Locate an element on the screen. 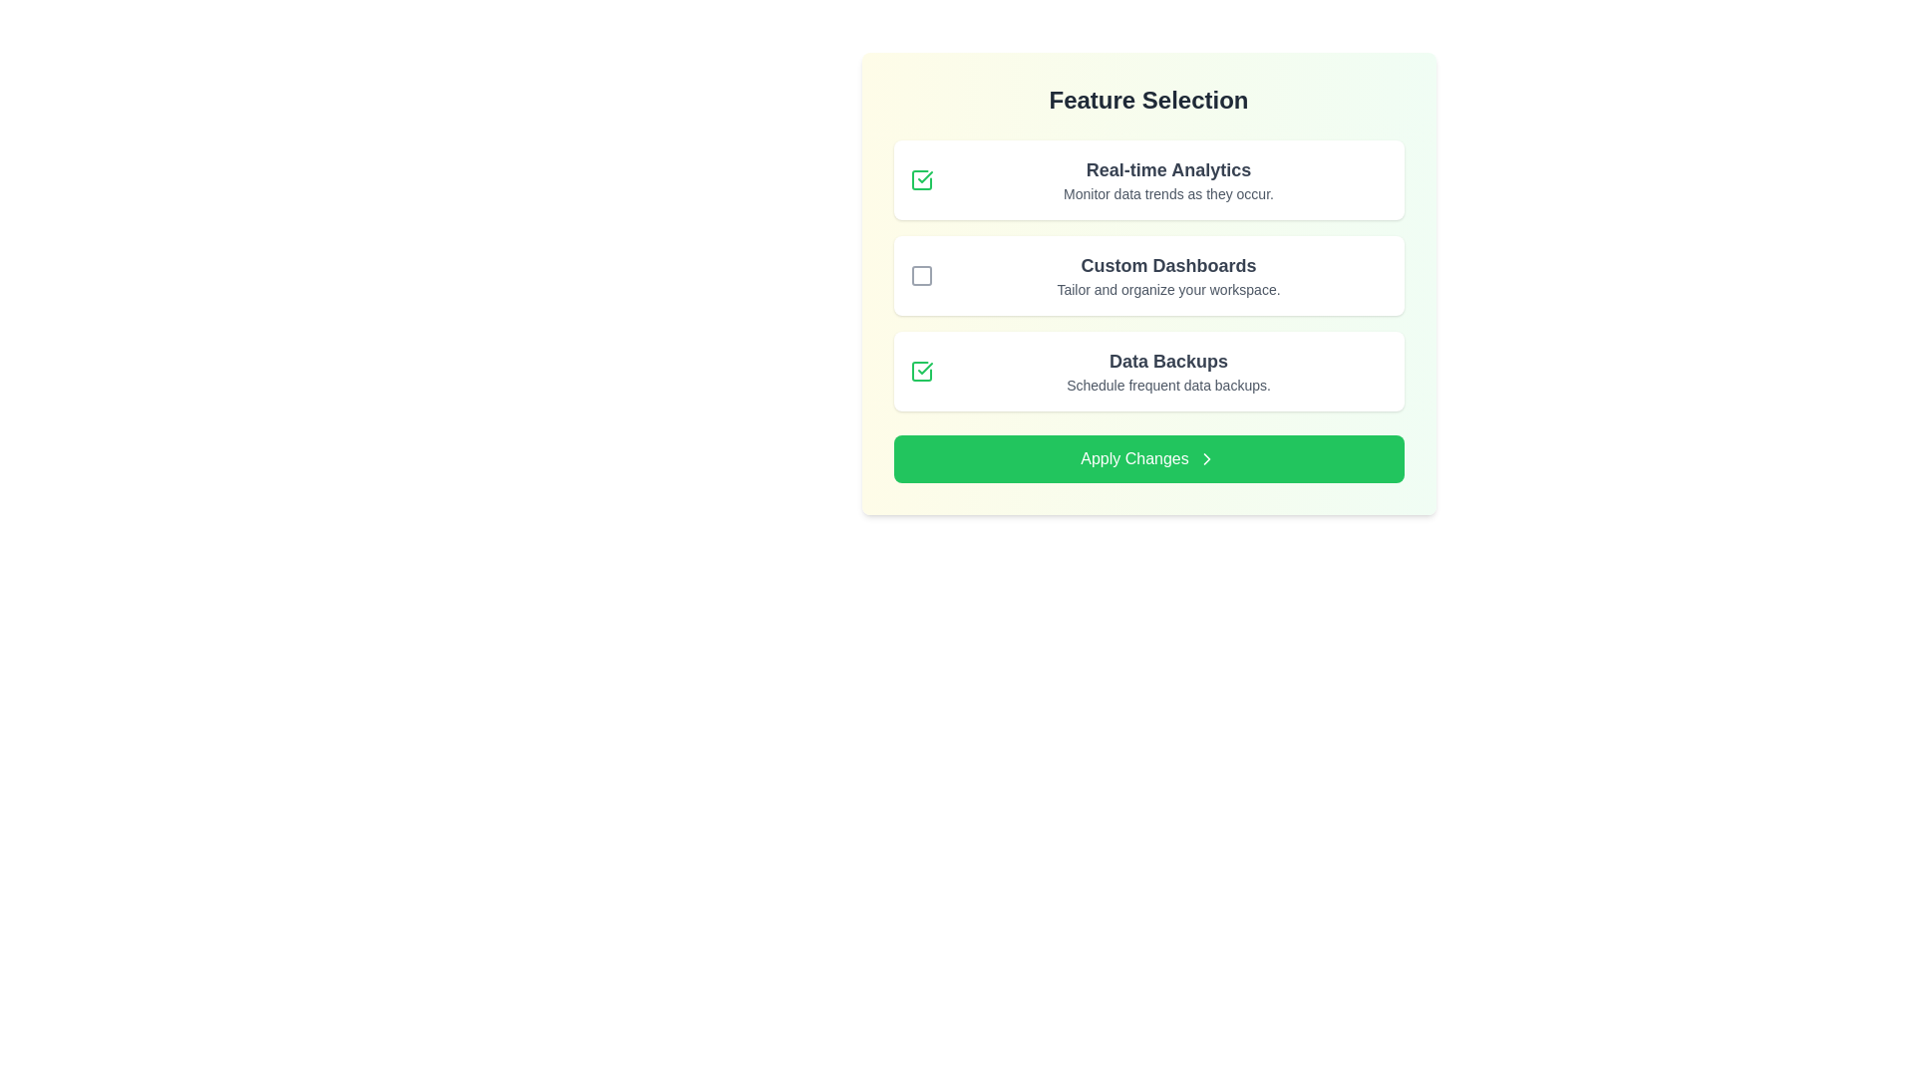  the green rectangular button labeled 'Apply Changes' with a right-facing arrow icon is located at coordinates (1148, 459).